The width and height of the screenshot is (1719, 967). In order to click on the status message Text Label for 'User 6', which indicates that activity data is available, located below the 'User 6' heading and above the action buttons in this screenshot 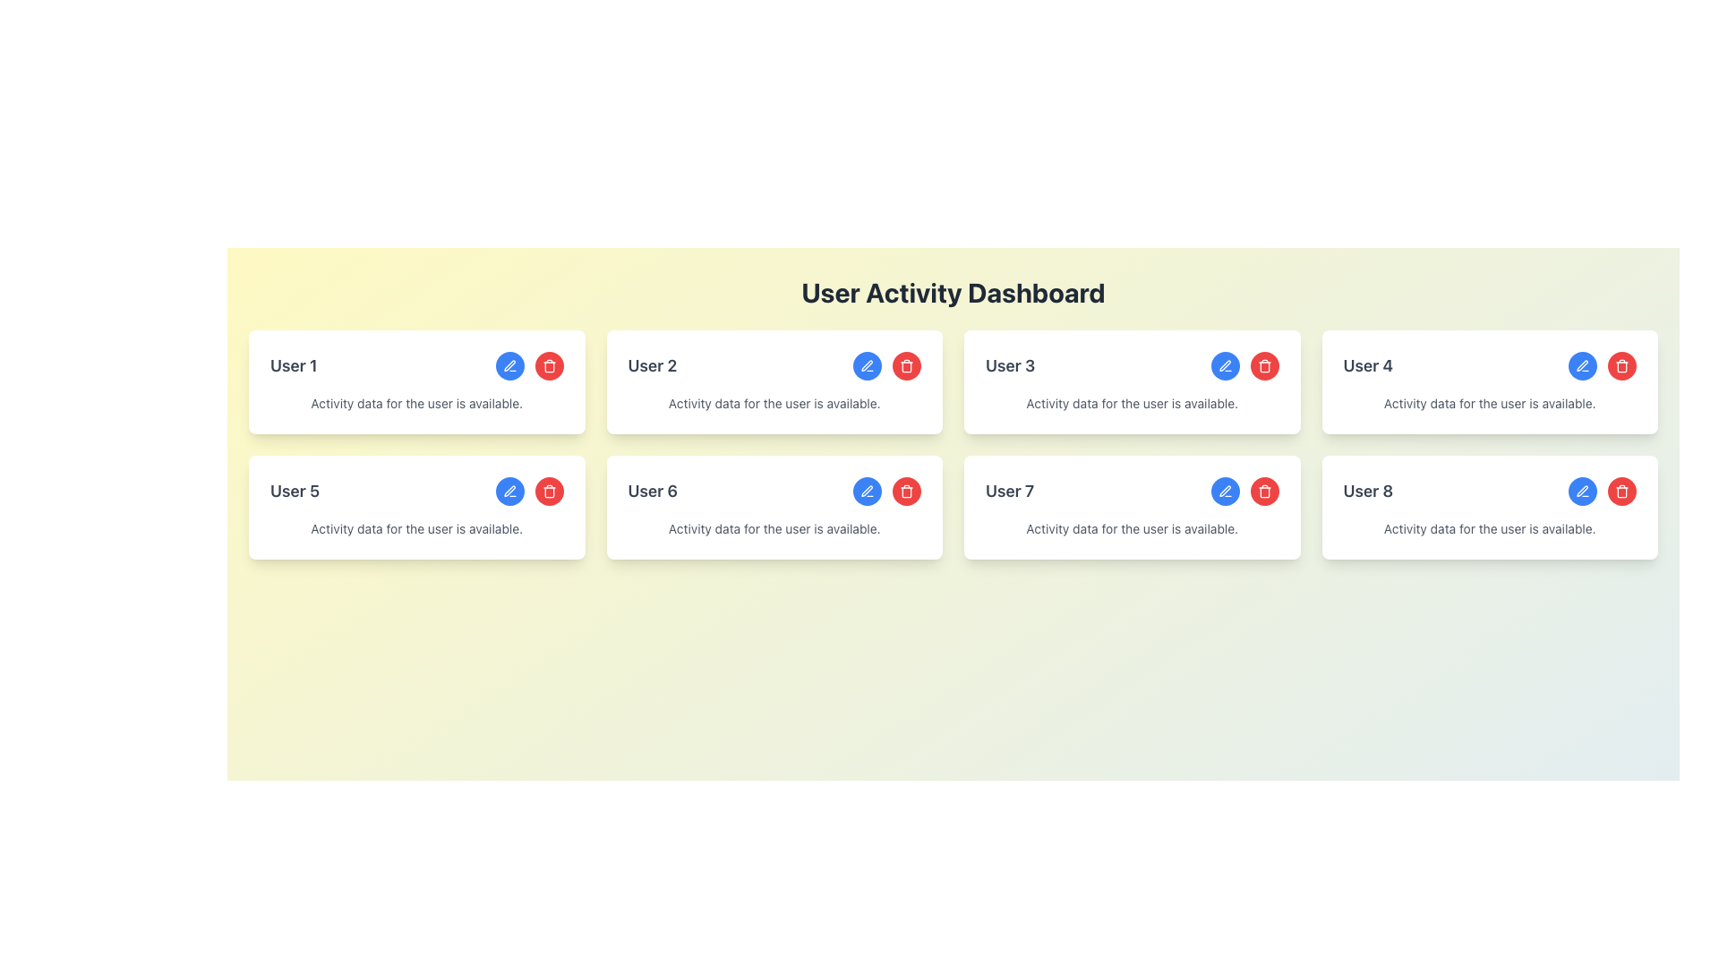, I will do `click(774, 527)`.